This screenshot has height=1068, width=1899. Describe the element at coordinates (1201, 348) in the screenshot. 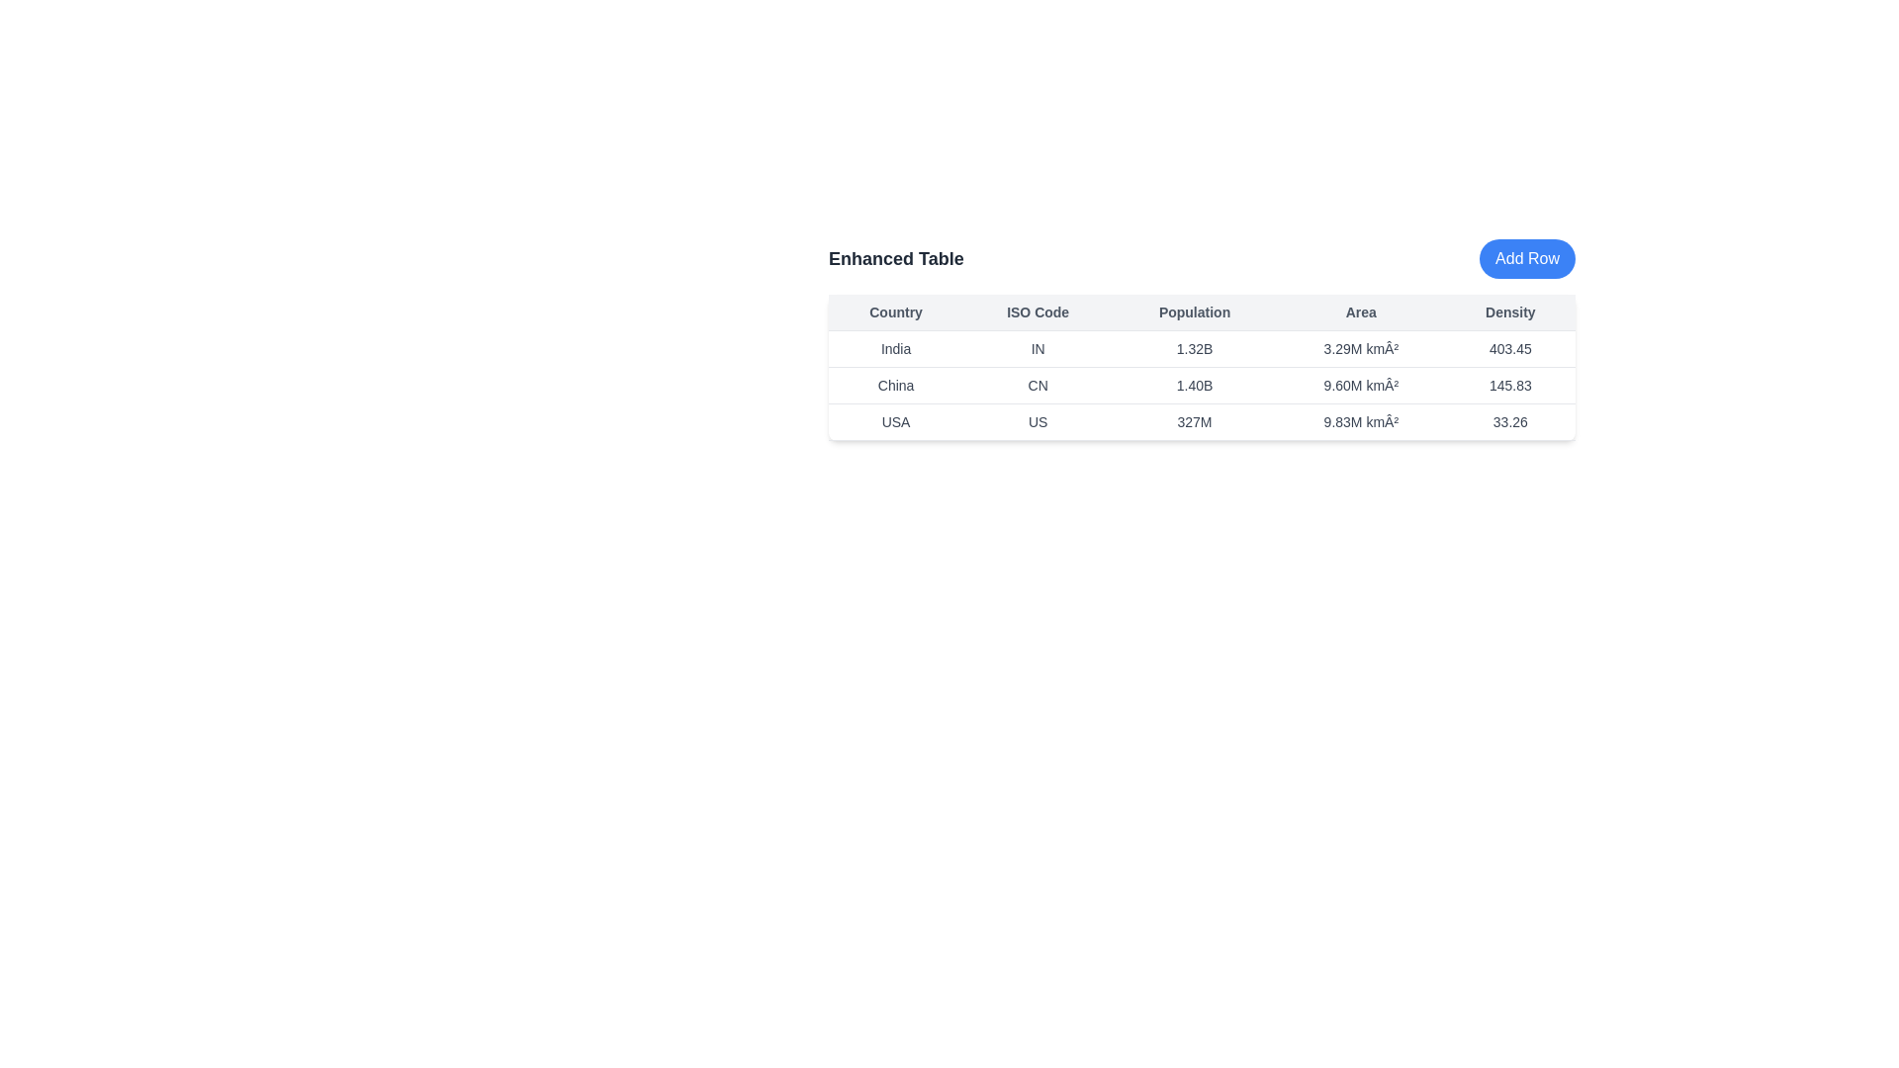

I see `the first row of the table that presents detailed data about the country 'India', which is located under the headers 'Country', 'ISO Code', 'Population', 'Area', and 'Density'` at that location.